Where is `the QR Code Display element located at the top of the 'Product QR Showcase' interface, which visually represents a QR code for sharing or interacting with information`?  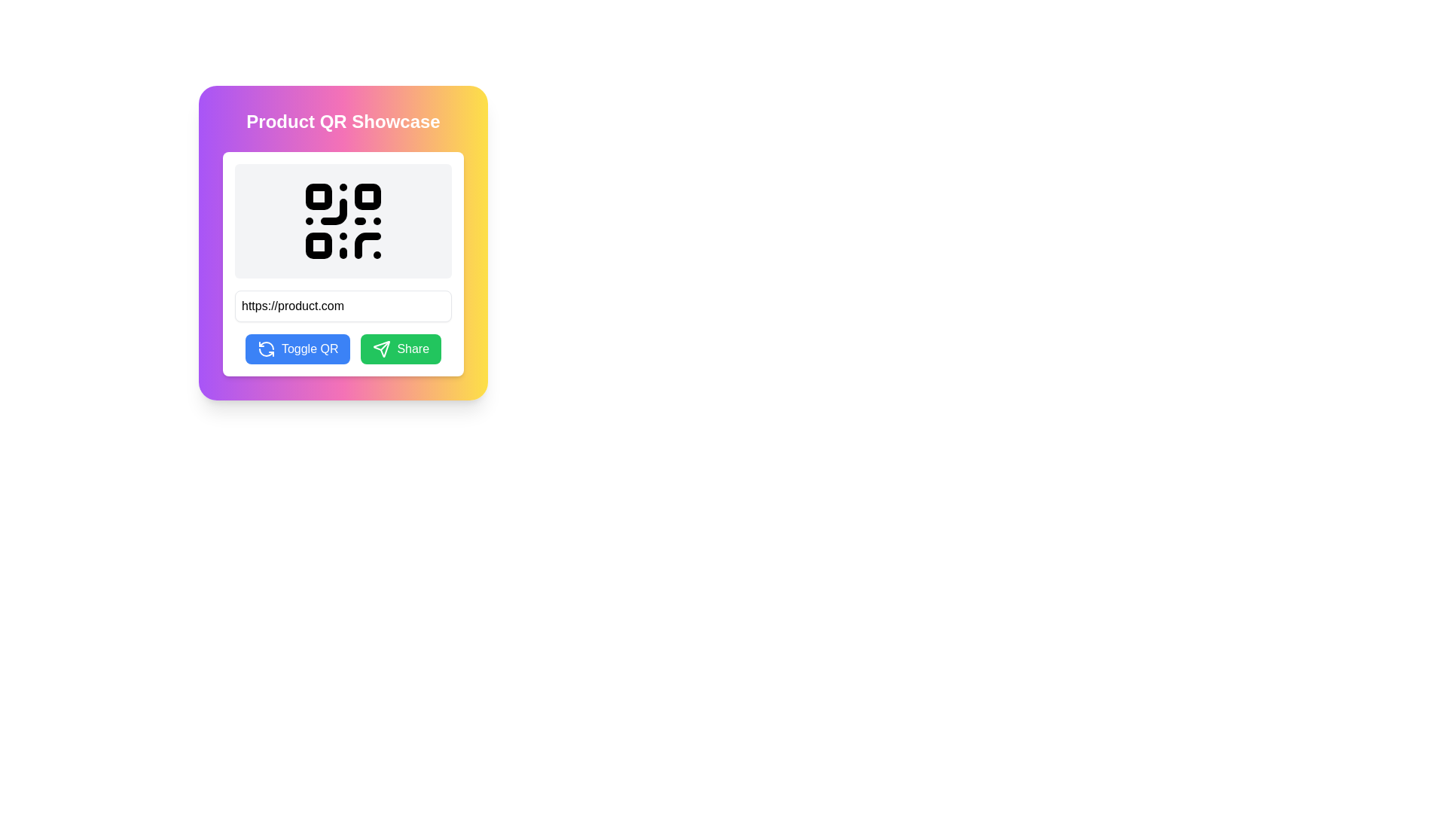
the QR Code Display element located at the top of the 'Product QR Showcase' interface, which visually represents a QR code for sharing or interacting with information is located at coordinates (343, 221).